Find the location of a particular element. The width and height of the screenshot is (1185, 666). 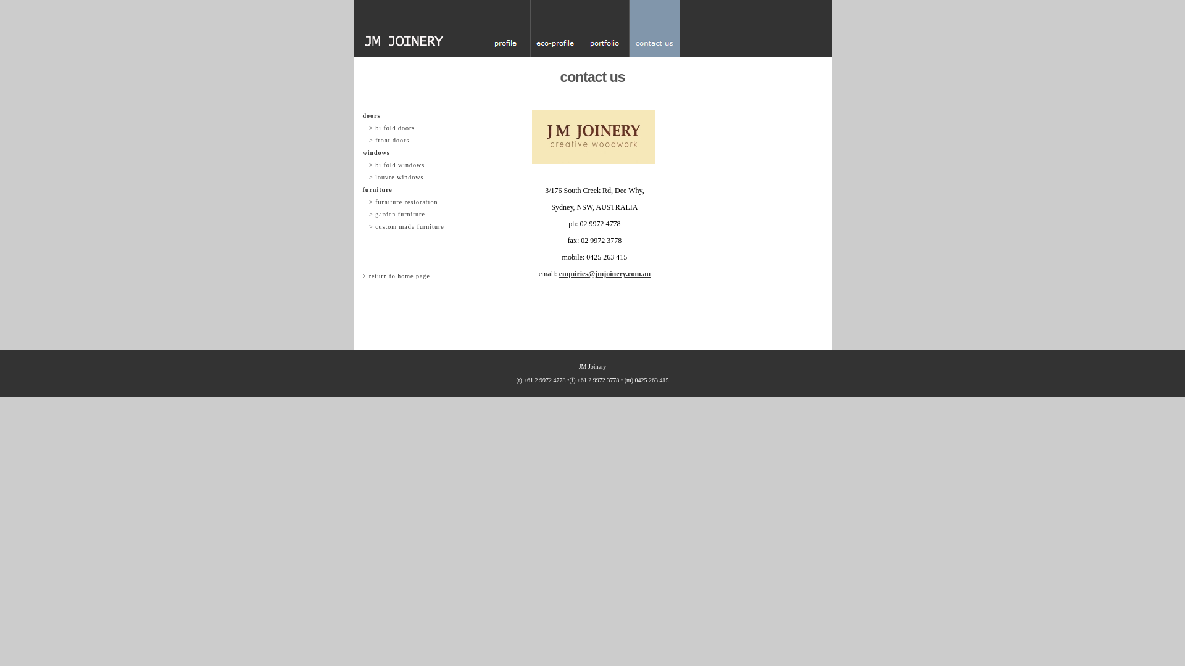

'enquiries@jmjoinery.com.au' is located at coordinates (604, 273).